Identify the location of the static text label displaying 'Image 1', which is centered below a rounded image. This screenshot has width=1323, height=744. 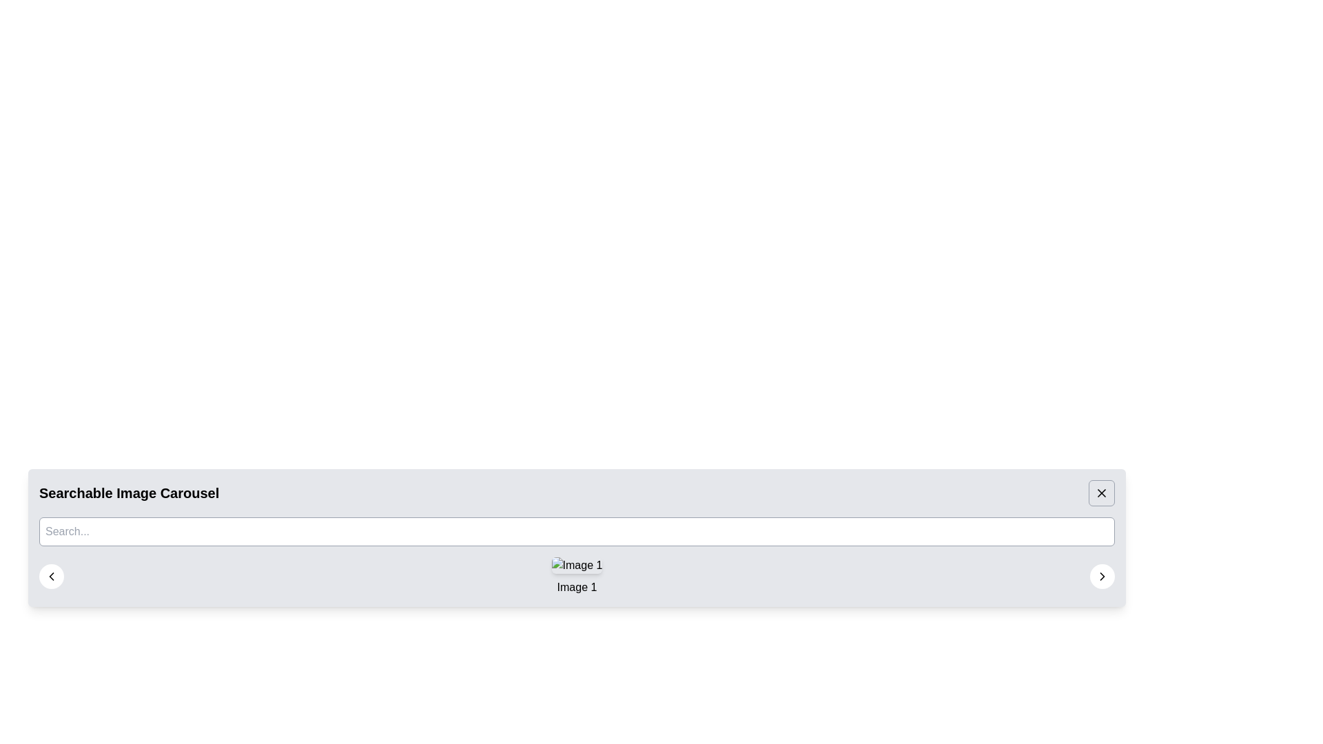
(577, 587).